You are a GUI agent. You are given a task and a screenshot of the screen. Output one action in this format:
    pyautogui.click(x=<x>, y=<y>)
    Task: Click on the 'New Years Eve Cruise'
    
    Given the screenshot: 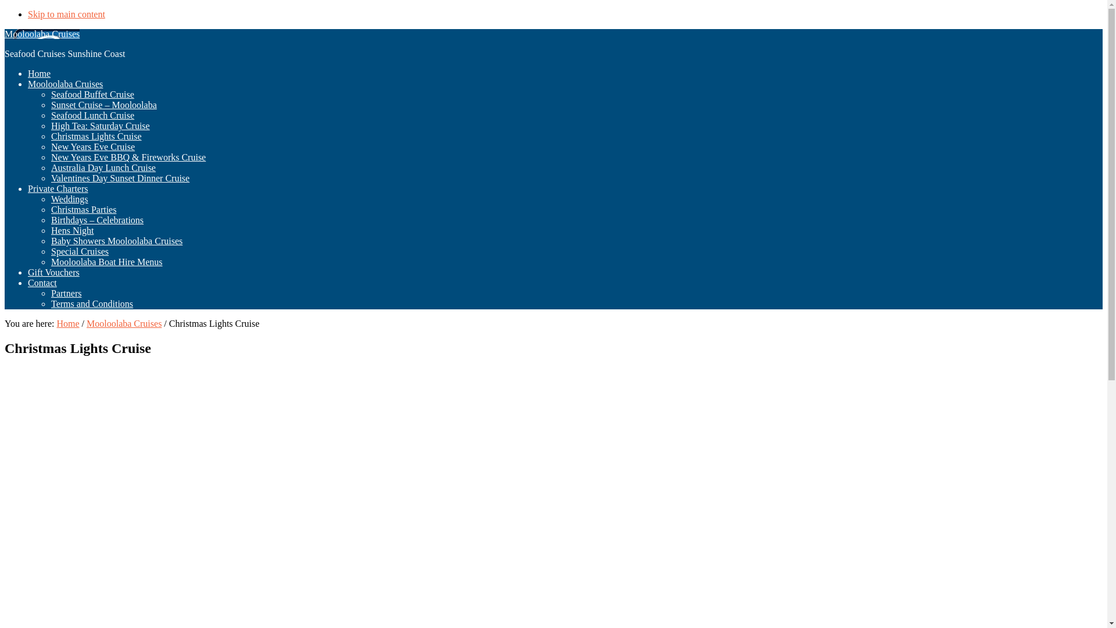 What is the action you would take?
    pyautogui.click(x=92, y=146)
    